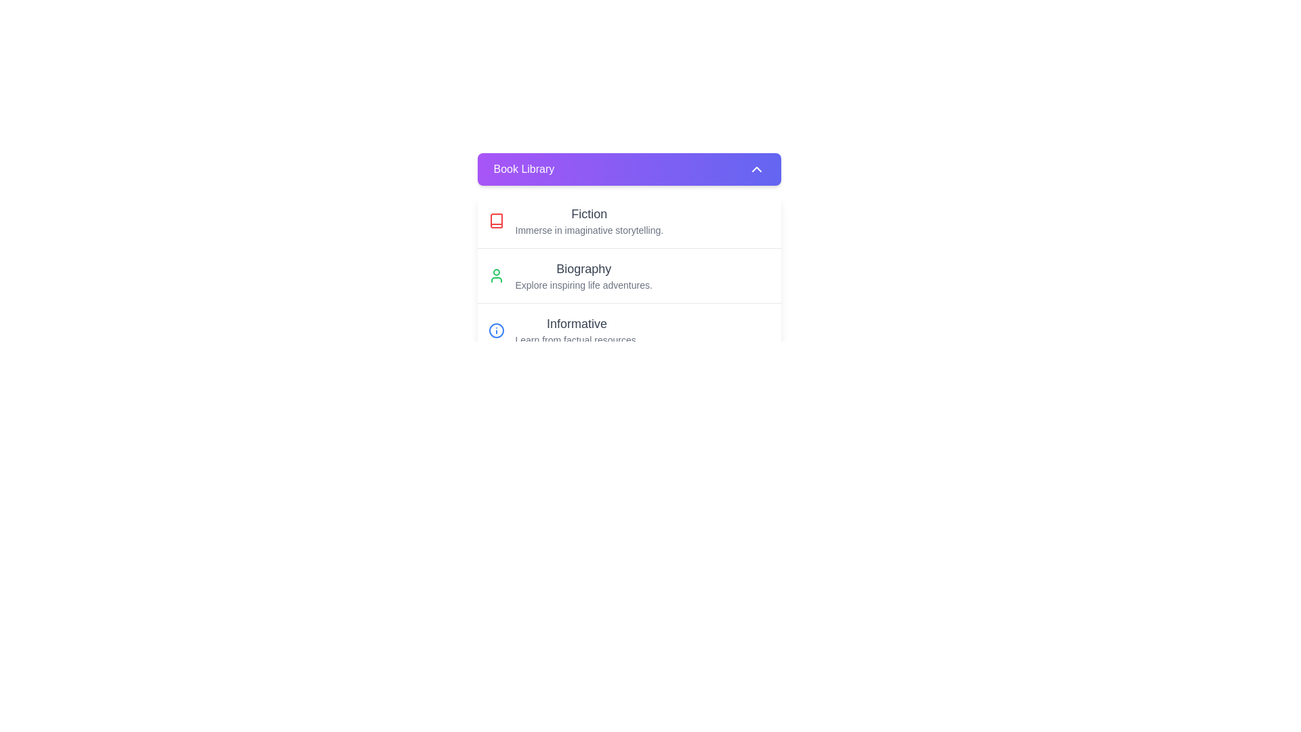  What do you see at coordinates (589, 220) in the screenshot?
I see `the first menu item in the sidebar` at bounding box center [589, 220].